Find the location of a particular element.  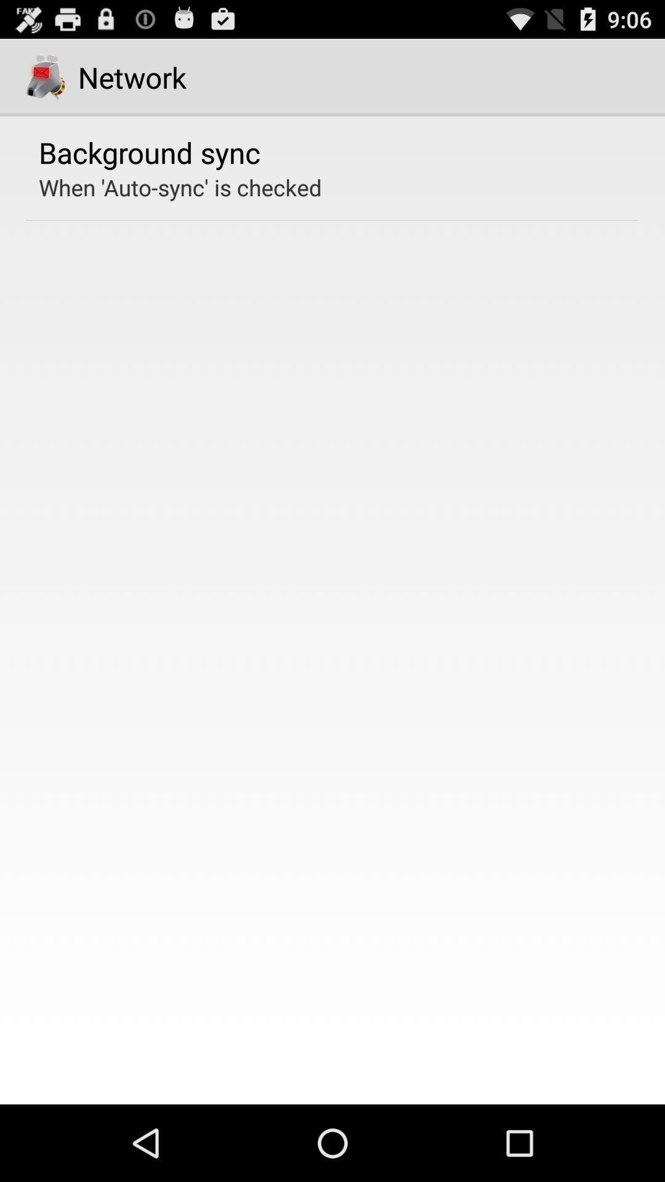

app above the when auto sync icon is located at coordinates (149, 151).